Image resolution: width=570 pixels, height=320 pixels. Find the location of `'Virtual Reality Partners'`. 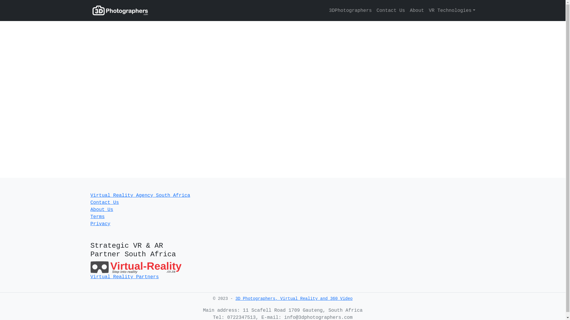

'Virtual Reality Partners' is located at coordinates (124, 277).